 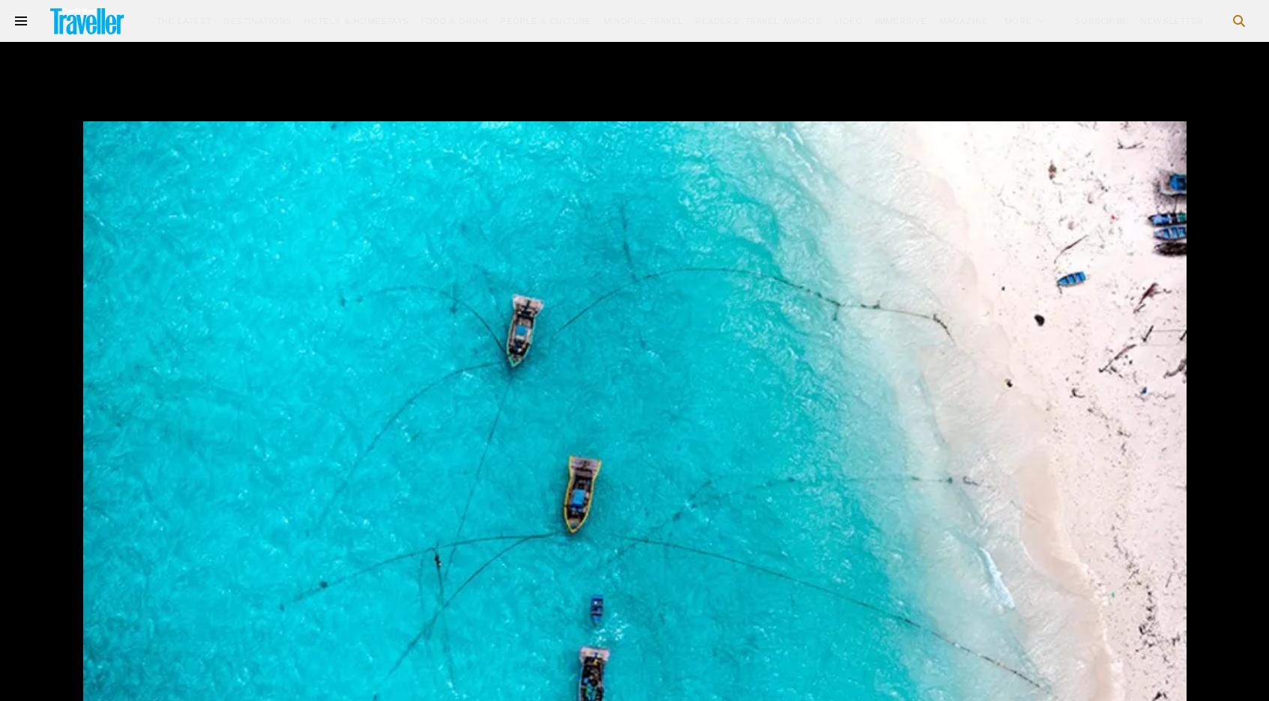 I want to click on 'The Latest', so click(x=183, y=19).